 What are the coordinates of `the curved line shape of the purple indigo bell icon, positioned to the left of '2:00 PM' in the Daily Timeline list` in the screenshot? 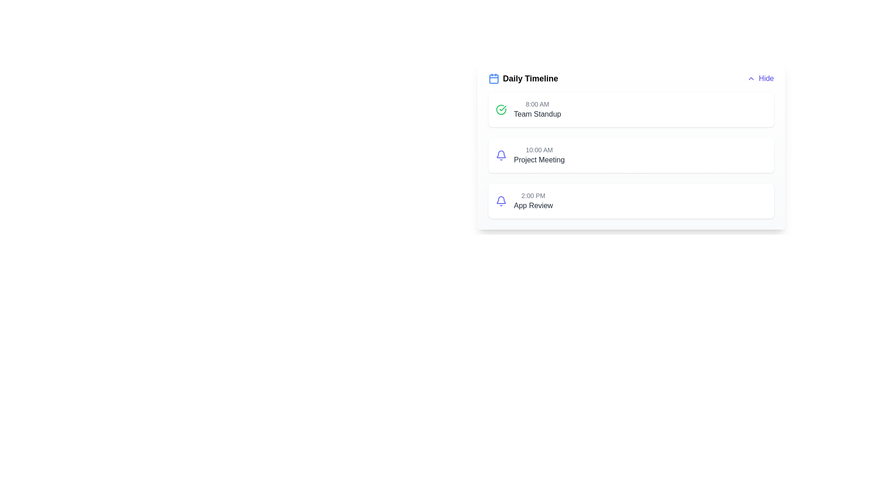 It's located at (500, 154).